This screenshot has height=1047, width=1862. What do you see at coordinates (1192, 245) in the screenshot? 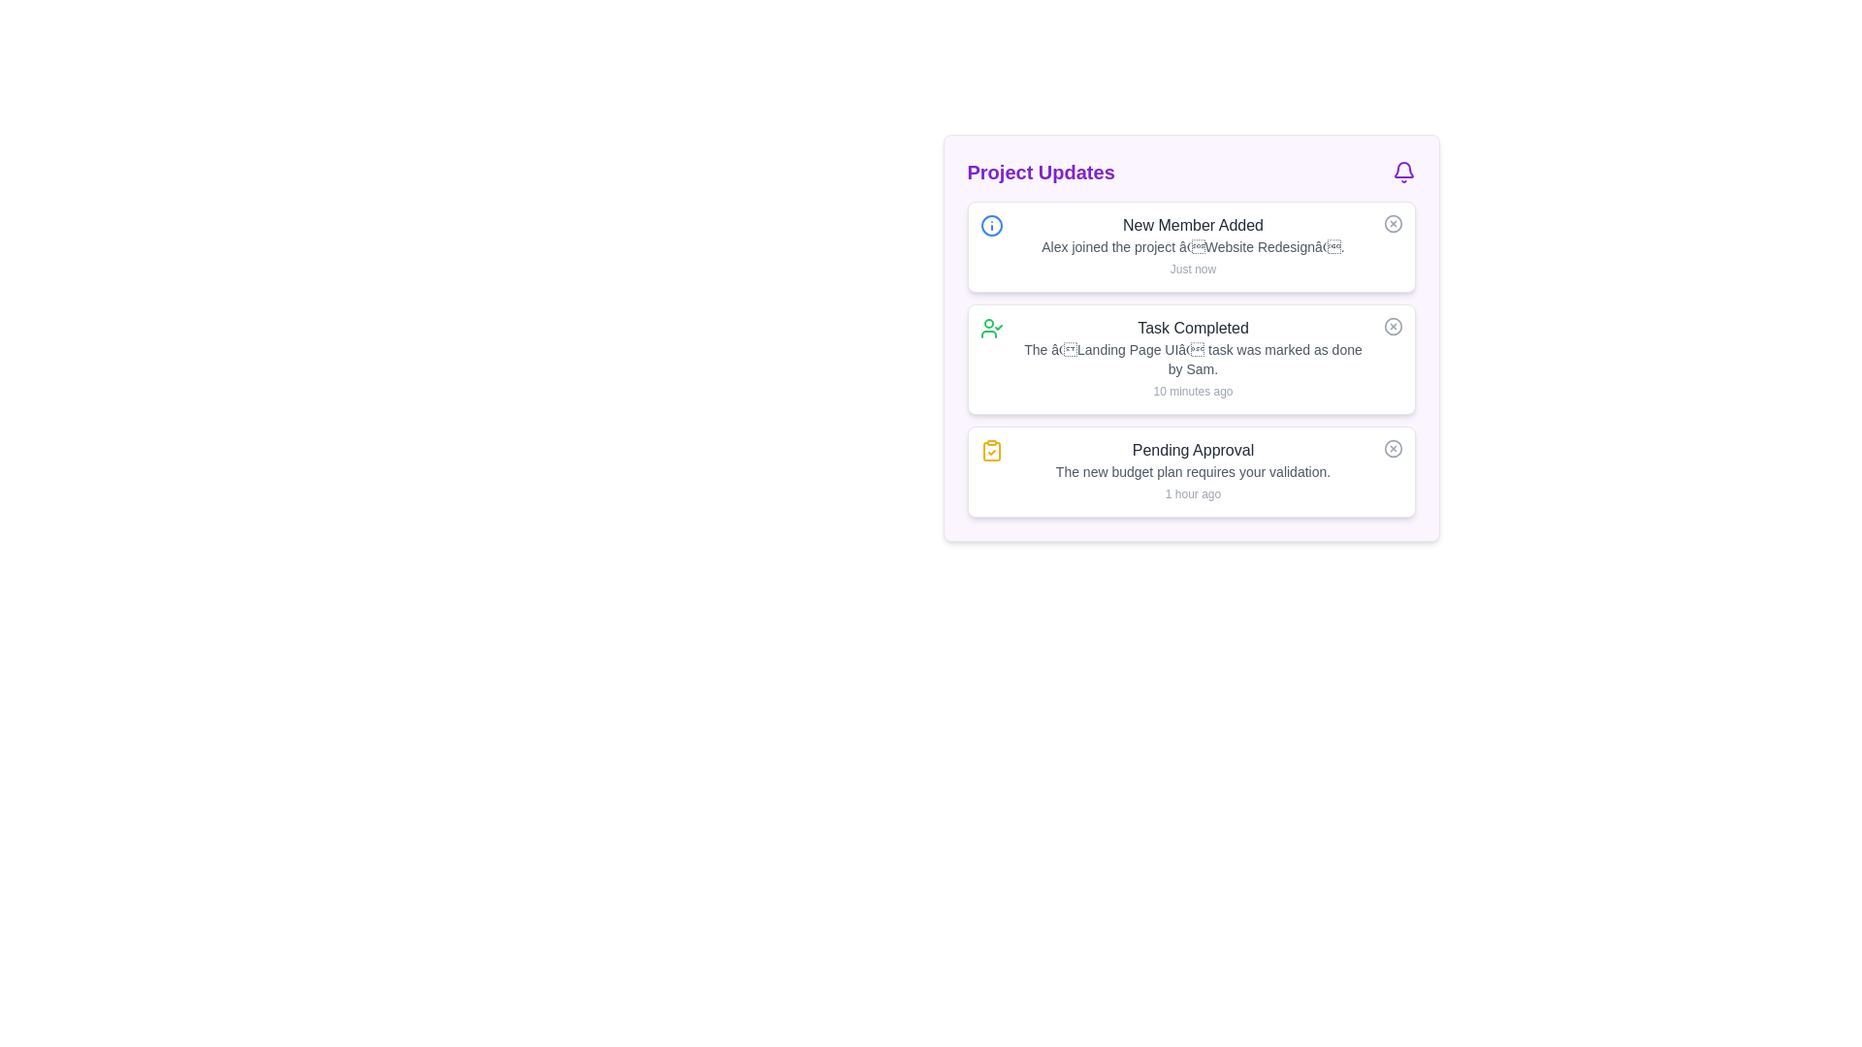
I see `the text element displaying the update about the new member Alex joining the project 'Website Redesign', which is located in the notifications panel under 'Project Updates'` at bounding box center [1192, 245].